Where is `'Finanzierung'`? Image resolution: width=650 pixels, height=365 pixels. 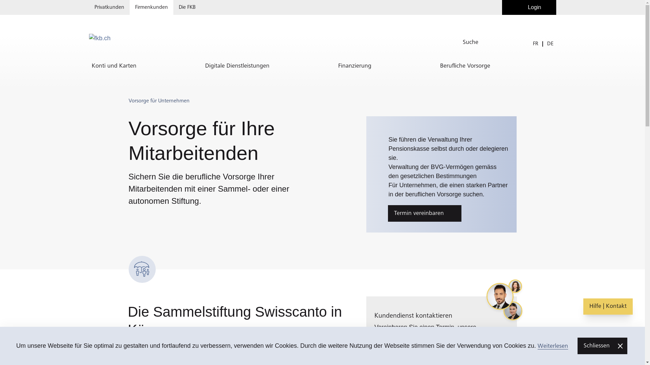 'Finanzierung' is located at coordinates (354, 66).